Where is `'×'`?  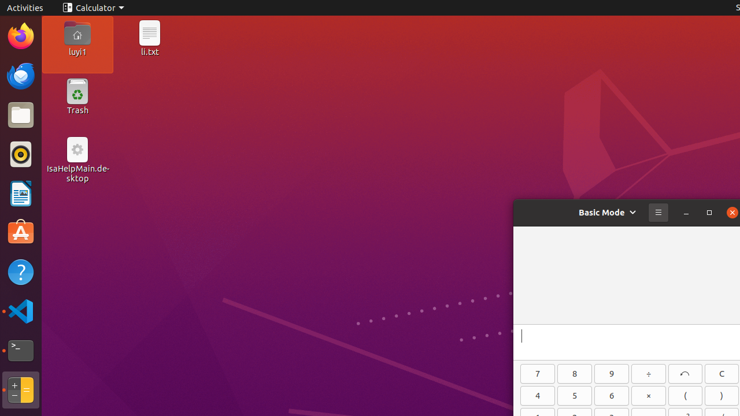 '×' is located at coordinates (649, 395).